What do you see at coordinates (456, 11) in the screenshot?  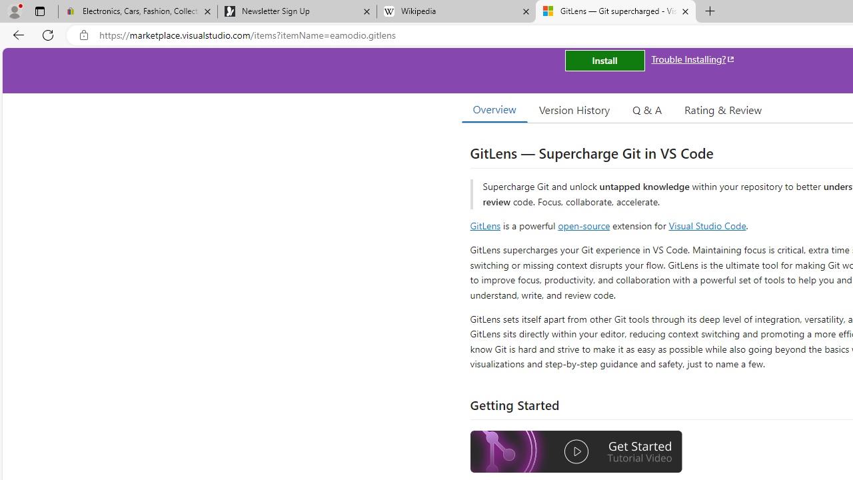 I see `'Wikipedia'` at bounding box center [456, 11].